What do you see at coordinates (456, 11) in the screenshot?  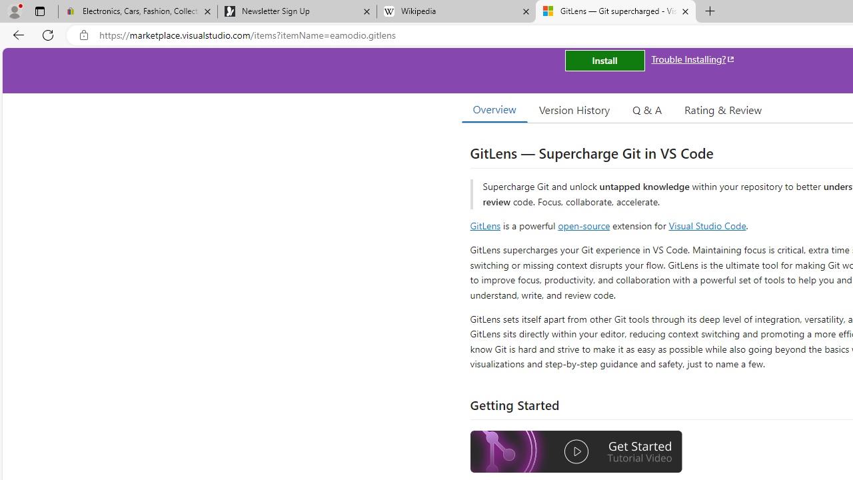 I see `'Wikipedia'` at bounding box center [456, 11].